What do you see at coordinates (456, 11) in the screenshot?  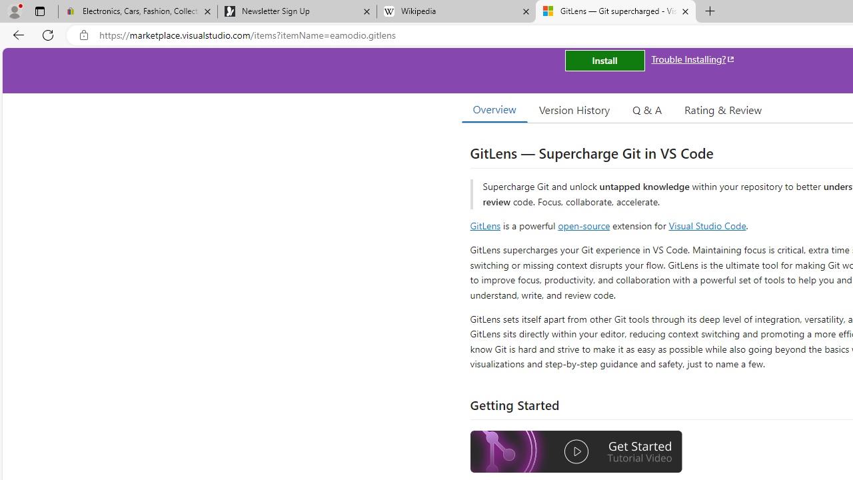 I see `'Wikipedia'` at bounding box center [456, 11].